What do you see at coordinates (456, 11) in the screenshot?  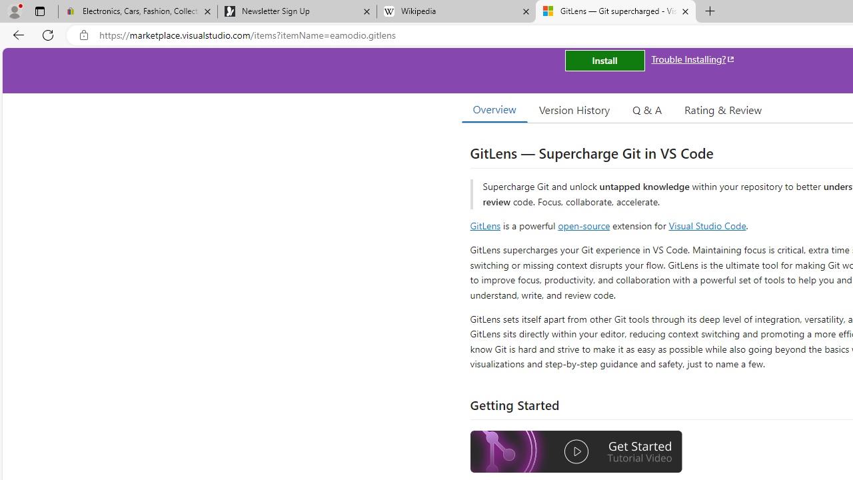 I see `'Wikipedia'` at bounding box center [456, 11].